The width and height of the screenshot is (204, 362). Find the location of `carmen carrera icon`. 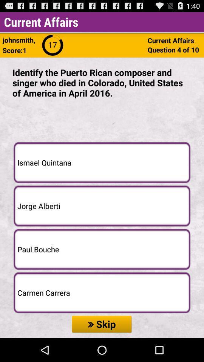

carmen carrera icon is located at coordinates (102, 292).